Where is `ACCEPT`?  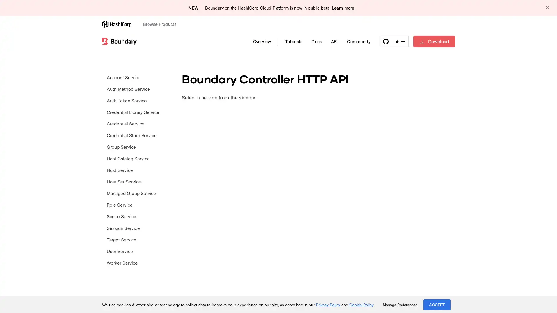 ACCEPT is located at coordinates (437, 304).